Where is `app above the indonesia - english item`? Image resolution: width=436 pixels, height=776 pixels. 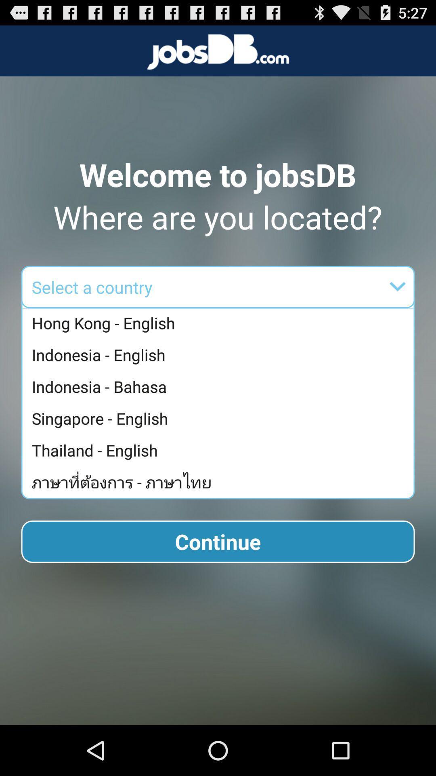
app above the indonesia - english item is located at coordinates (220, 323).